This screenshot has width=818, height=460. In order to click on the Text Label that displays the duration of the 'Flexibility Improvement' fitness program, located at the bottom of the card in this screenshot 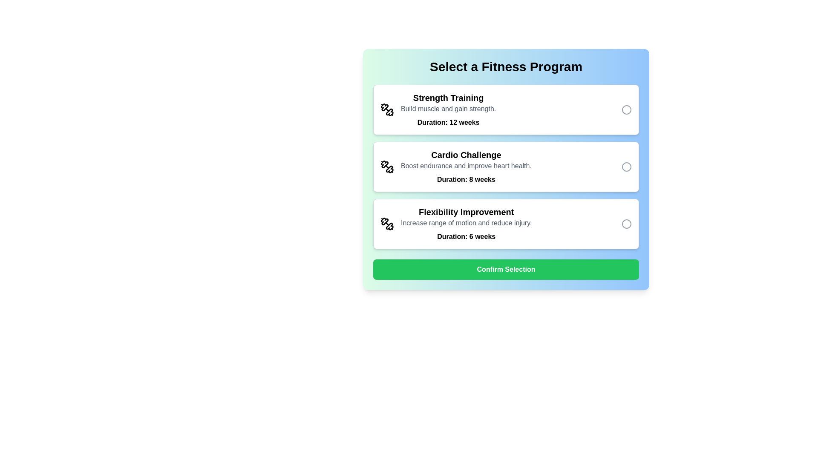, I will do `click(466, 236)`.